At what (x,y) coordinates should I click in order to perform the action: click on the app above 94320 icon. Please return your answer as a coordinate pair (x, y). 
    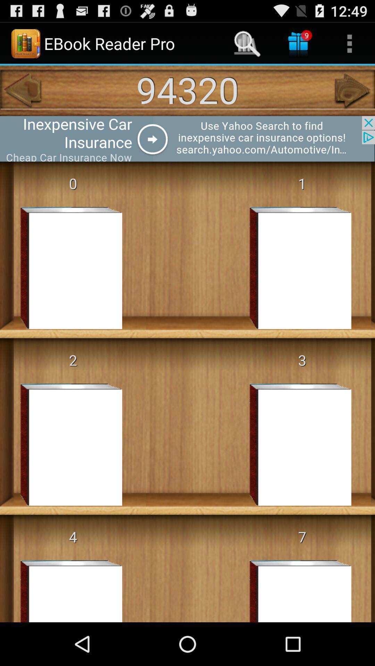
    Looking at the image, I should click on (247, 43).